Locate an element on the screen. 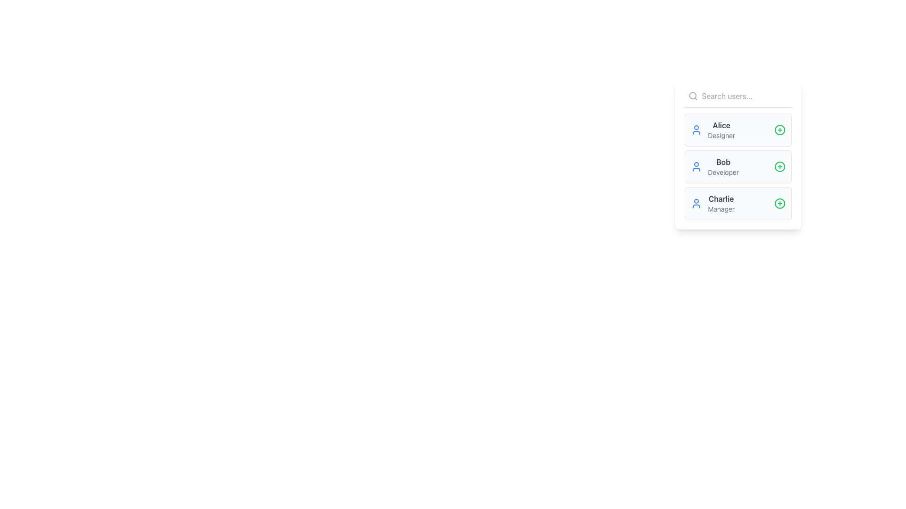 The image size is (906, 509). the user icon for 'Charlie', who is a 'Manager', located as the third entry in the list on the left side of the user's name and designation is located at coordinates (696, 203).